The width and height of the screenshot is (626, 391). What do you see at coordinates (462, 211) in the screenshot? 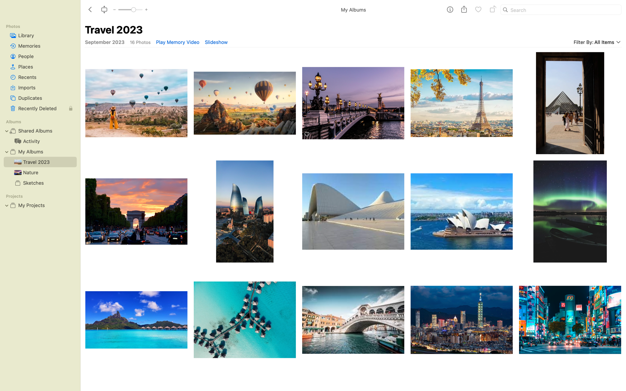
I see `Thrice rotate the image of Sydney"s lotus temple` at bounding box center [462, 211].